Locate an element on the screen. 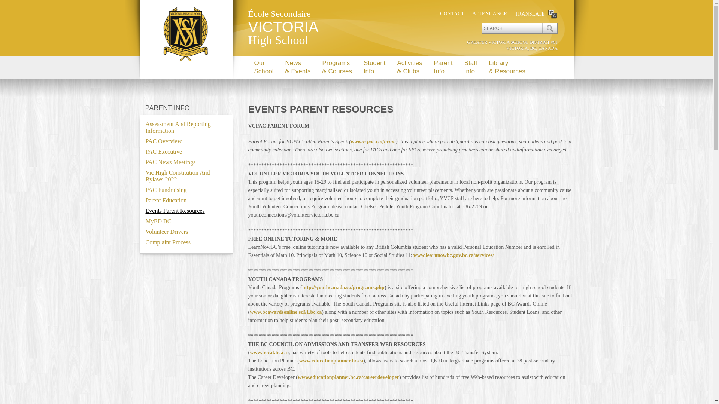 The width and height of the screenshot is (719, 404). 'www.bccat.bc.ca' is located at coordinates (268, 352).